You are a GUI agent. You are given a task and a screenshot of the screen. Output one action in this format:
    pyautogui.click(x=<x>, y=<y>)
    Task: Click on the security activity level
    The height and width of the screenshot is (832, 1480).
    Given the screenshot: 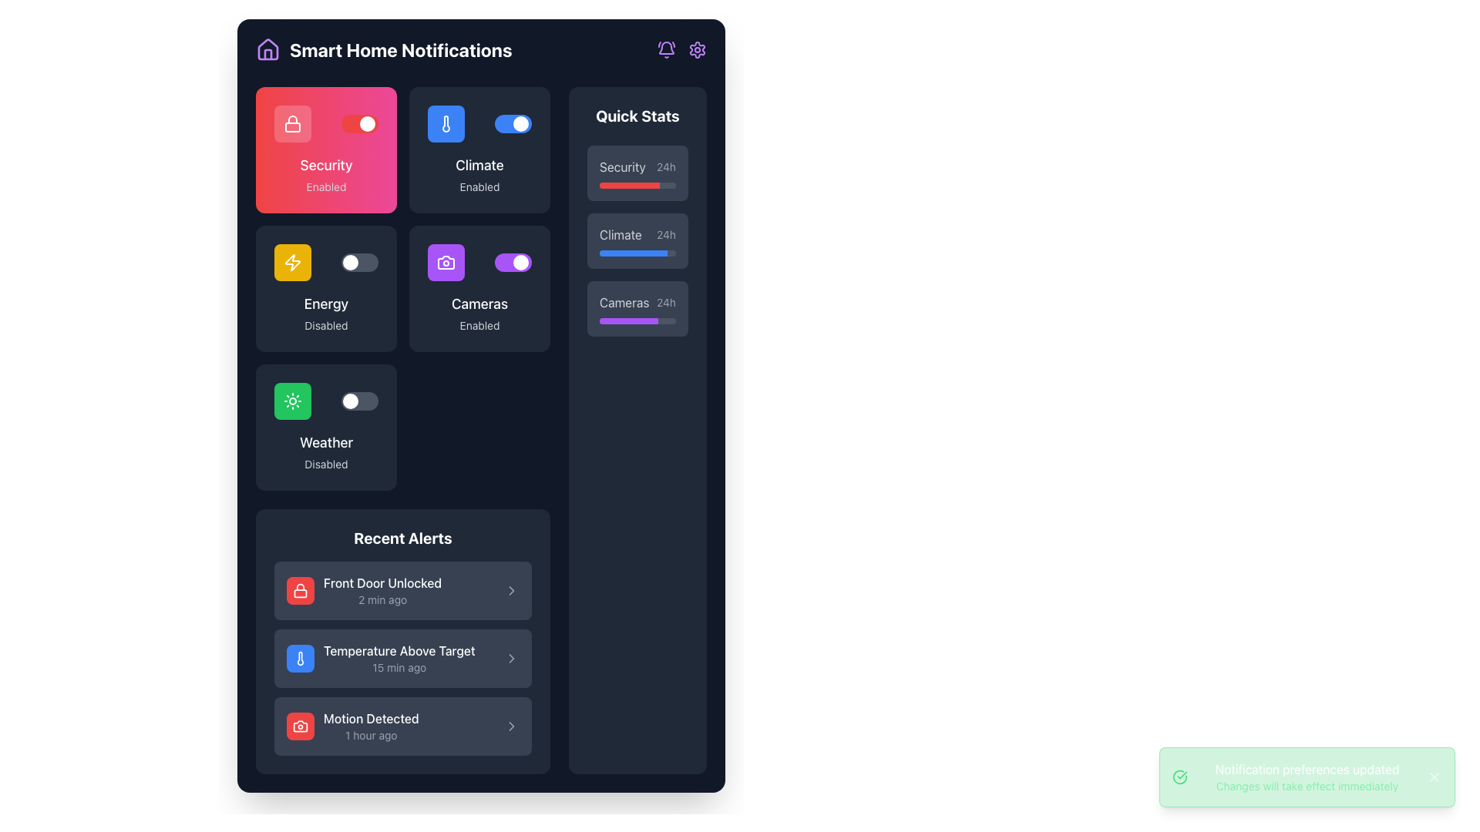 What is the action you would take?
    pyautogui.click(x=602, y=184)
    